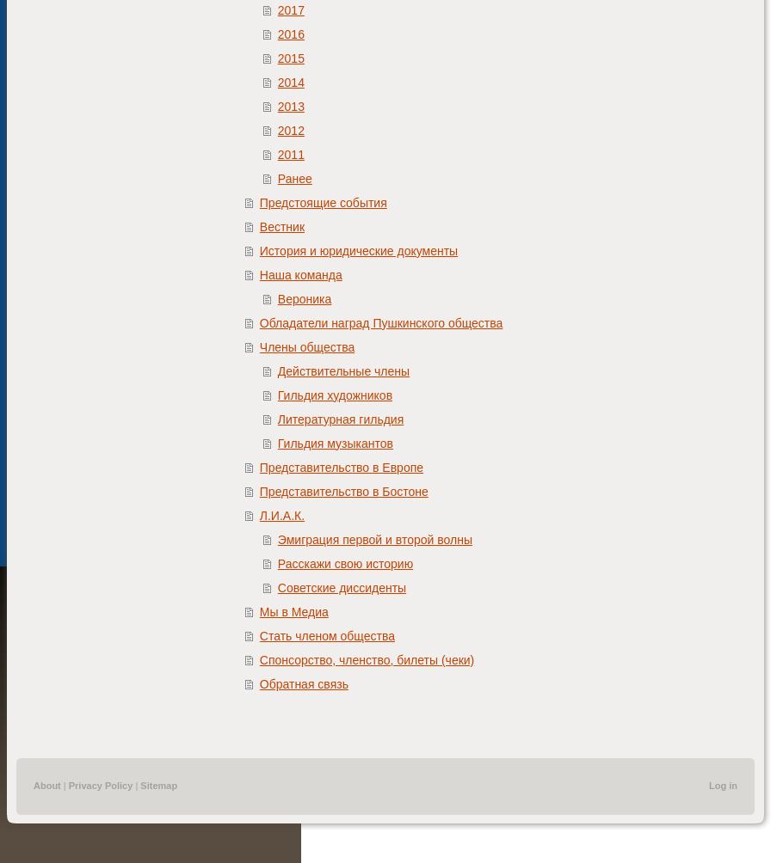 The height and width of the screenshot is (863, 771). What do you see at coordinates (290, 105) in the screenshot?
I see `'2013'` at bounding box center [290, 105].